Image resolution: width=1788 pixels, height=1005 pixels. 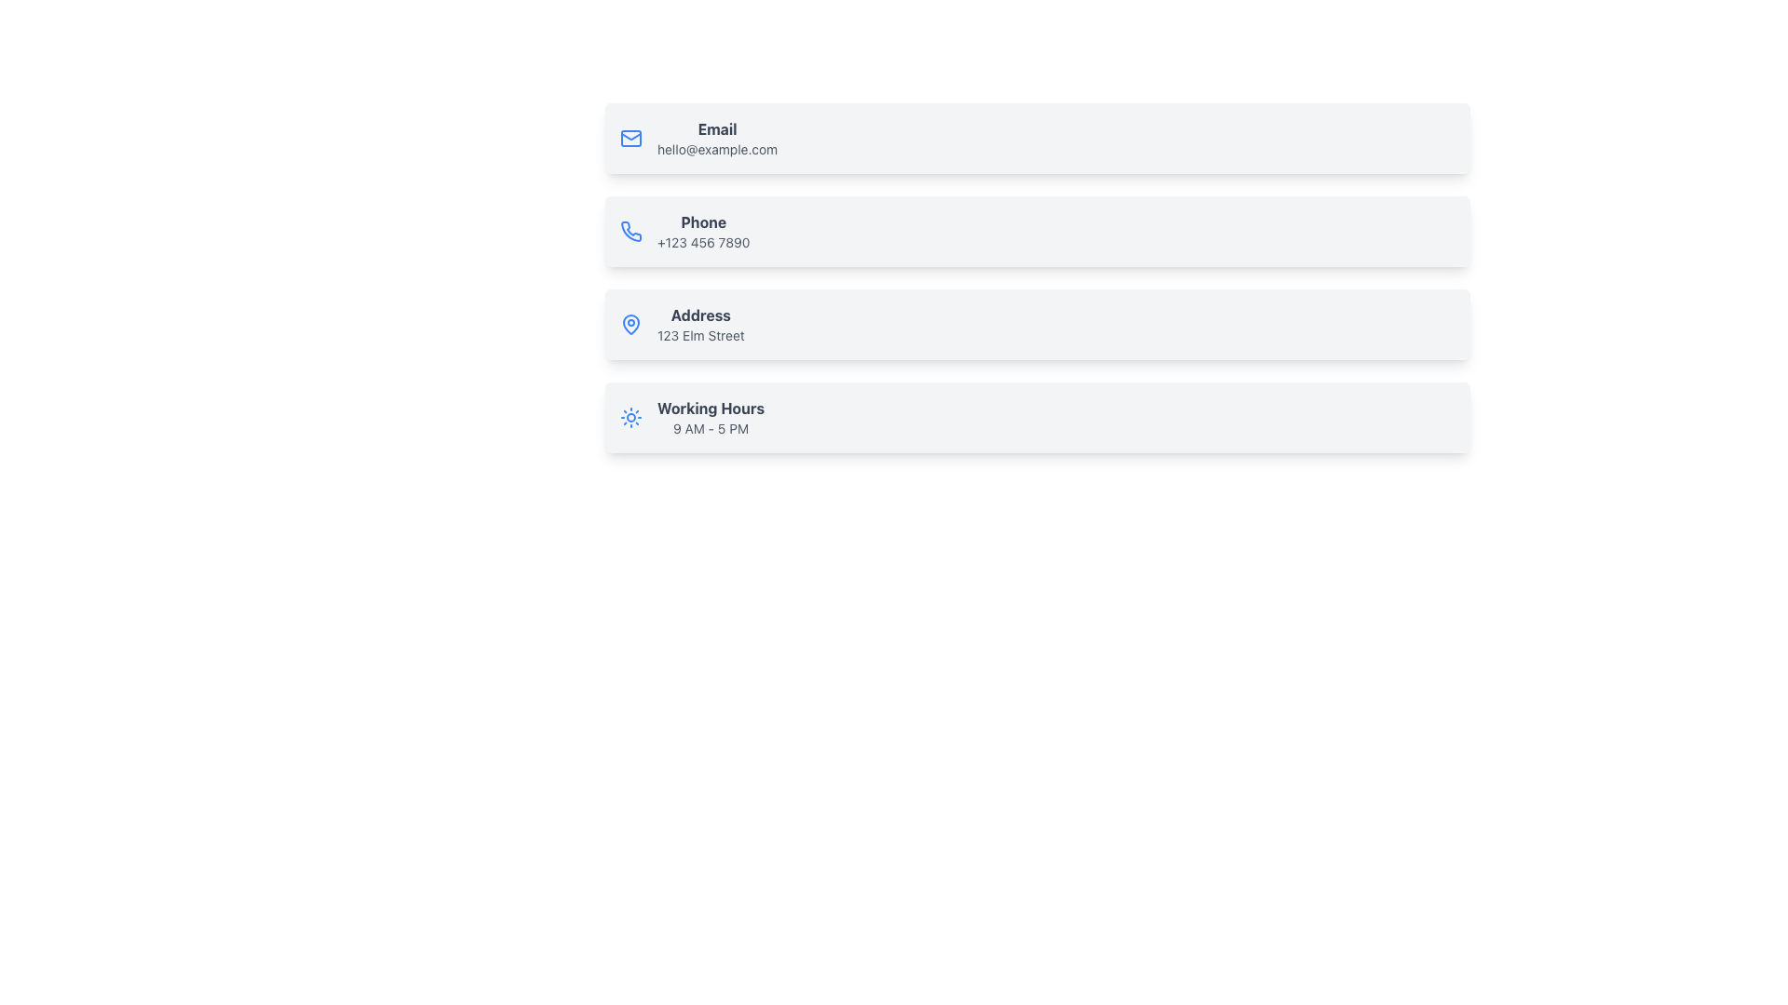 What do you see at coordinates (699, 336) in the screenshot?
I see `the static text element that displays the address in the contact details, located underneath the 'Address' header` at bounding box center [699, 336].